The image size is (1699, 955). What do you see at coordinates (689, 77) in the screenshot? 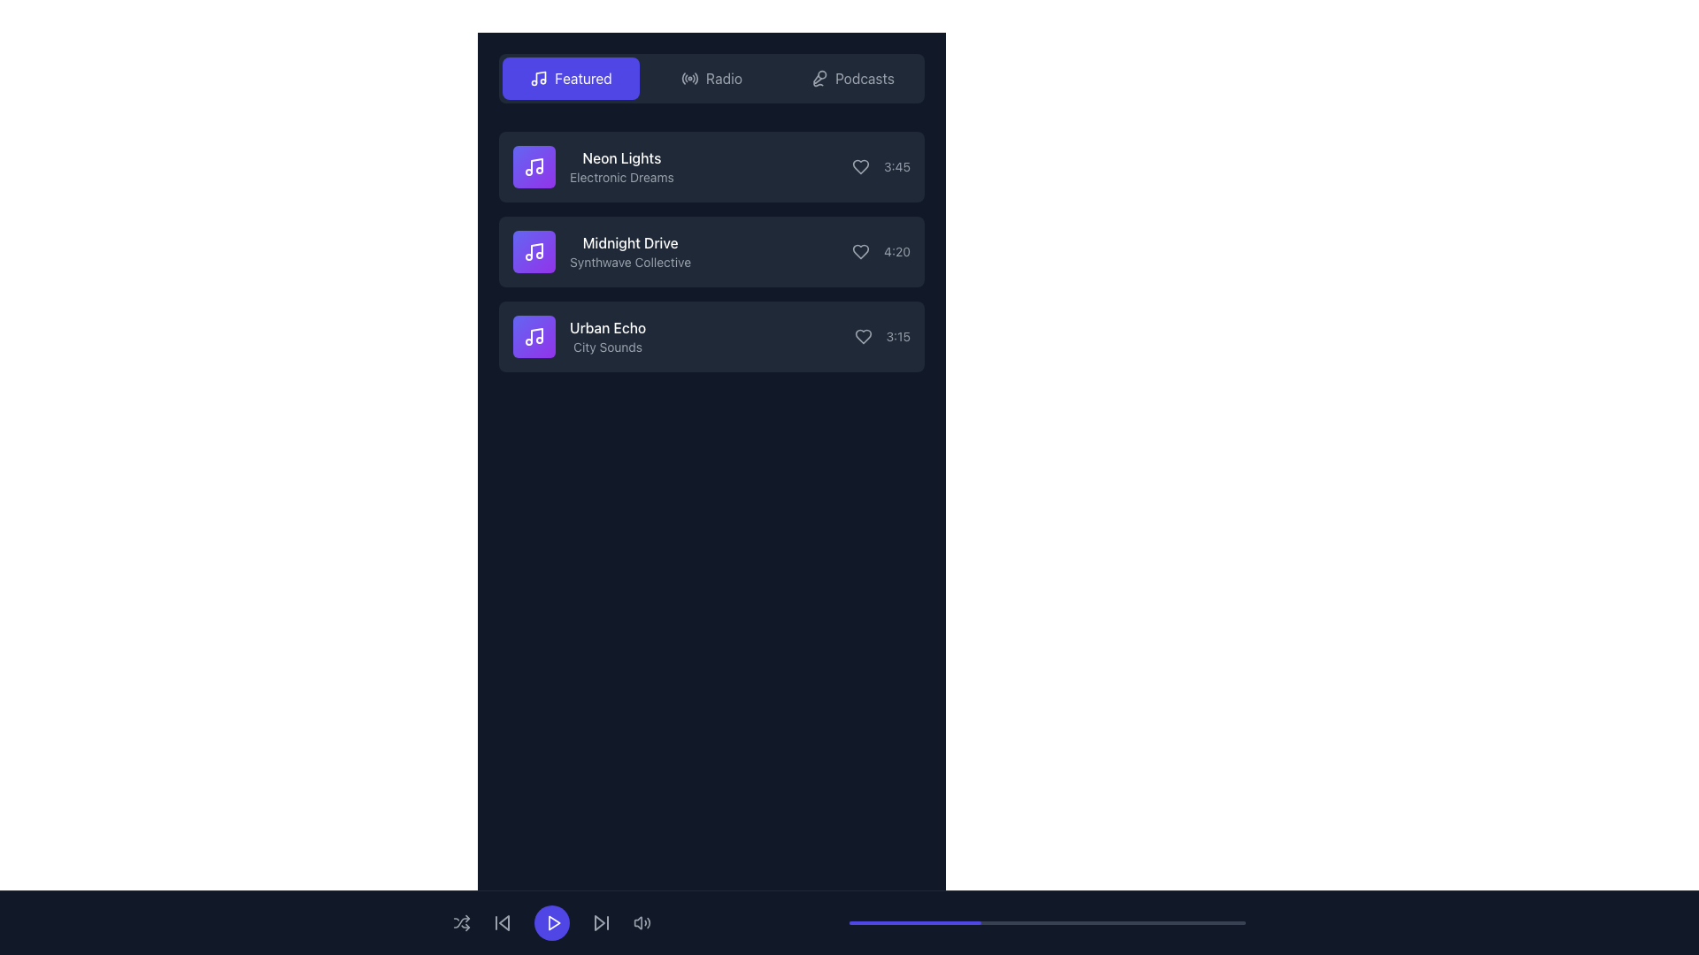
I see `the SVG icon of a circular shape with radiating arcs in the button labeled 'Radio'` at bounding box center [689, 77].